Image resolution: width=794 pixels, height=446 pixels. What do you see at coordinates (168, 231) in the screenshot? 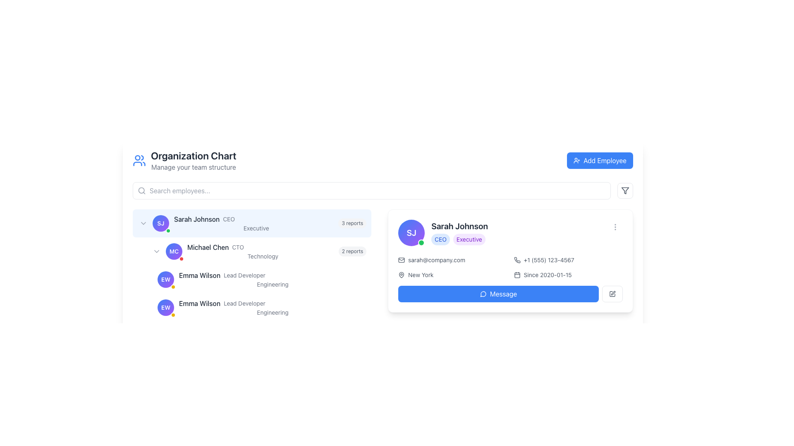
I see `the Indicator Badge located at the bottom-right corner of the circular avatar labeled 'SJ' in the list of employee profiles` at bounding box center [168, 231].